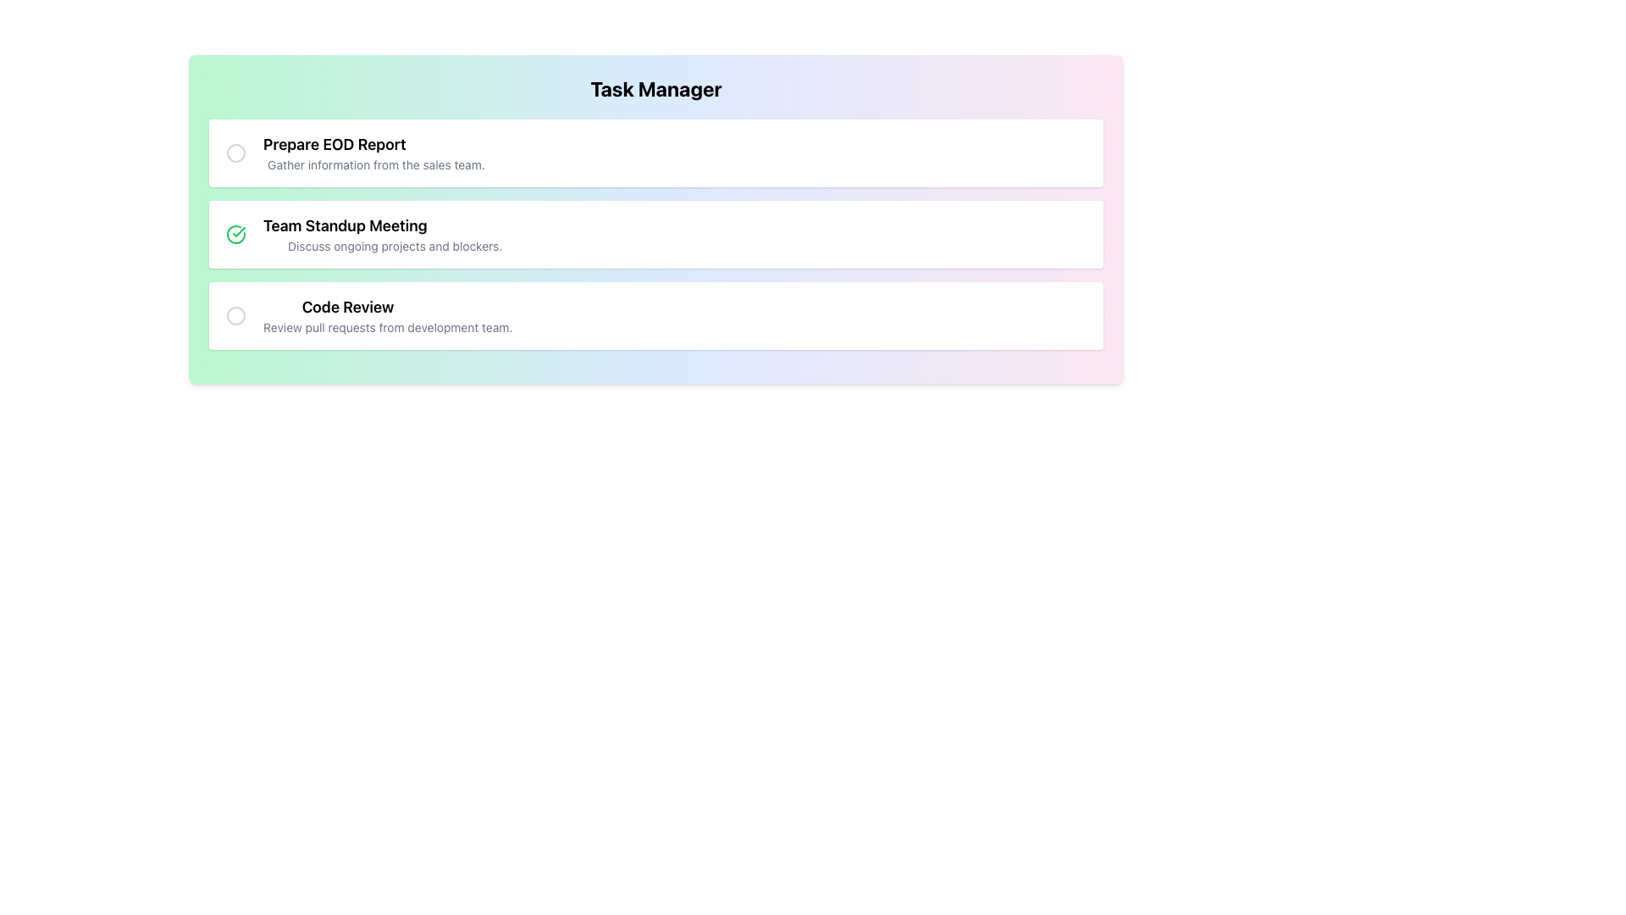 The image size is (1626, 915). What do you see at coordinates (235, 316) in the screenshot?
I see `the circular checkbox indicator for the 'Code Review' entry` at bounding box center [235, 316].